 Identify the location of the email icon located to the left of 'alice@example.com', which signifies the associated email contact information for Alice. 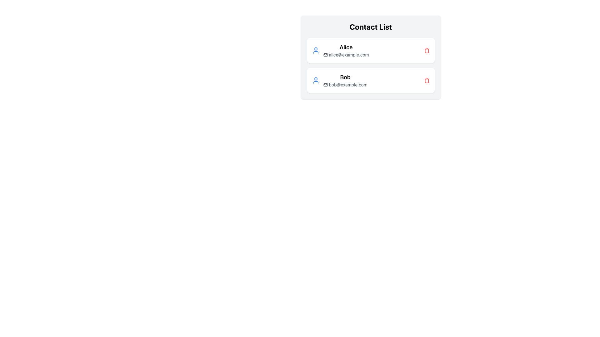
(325, 55).